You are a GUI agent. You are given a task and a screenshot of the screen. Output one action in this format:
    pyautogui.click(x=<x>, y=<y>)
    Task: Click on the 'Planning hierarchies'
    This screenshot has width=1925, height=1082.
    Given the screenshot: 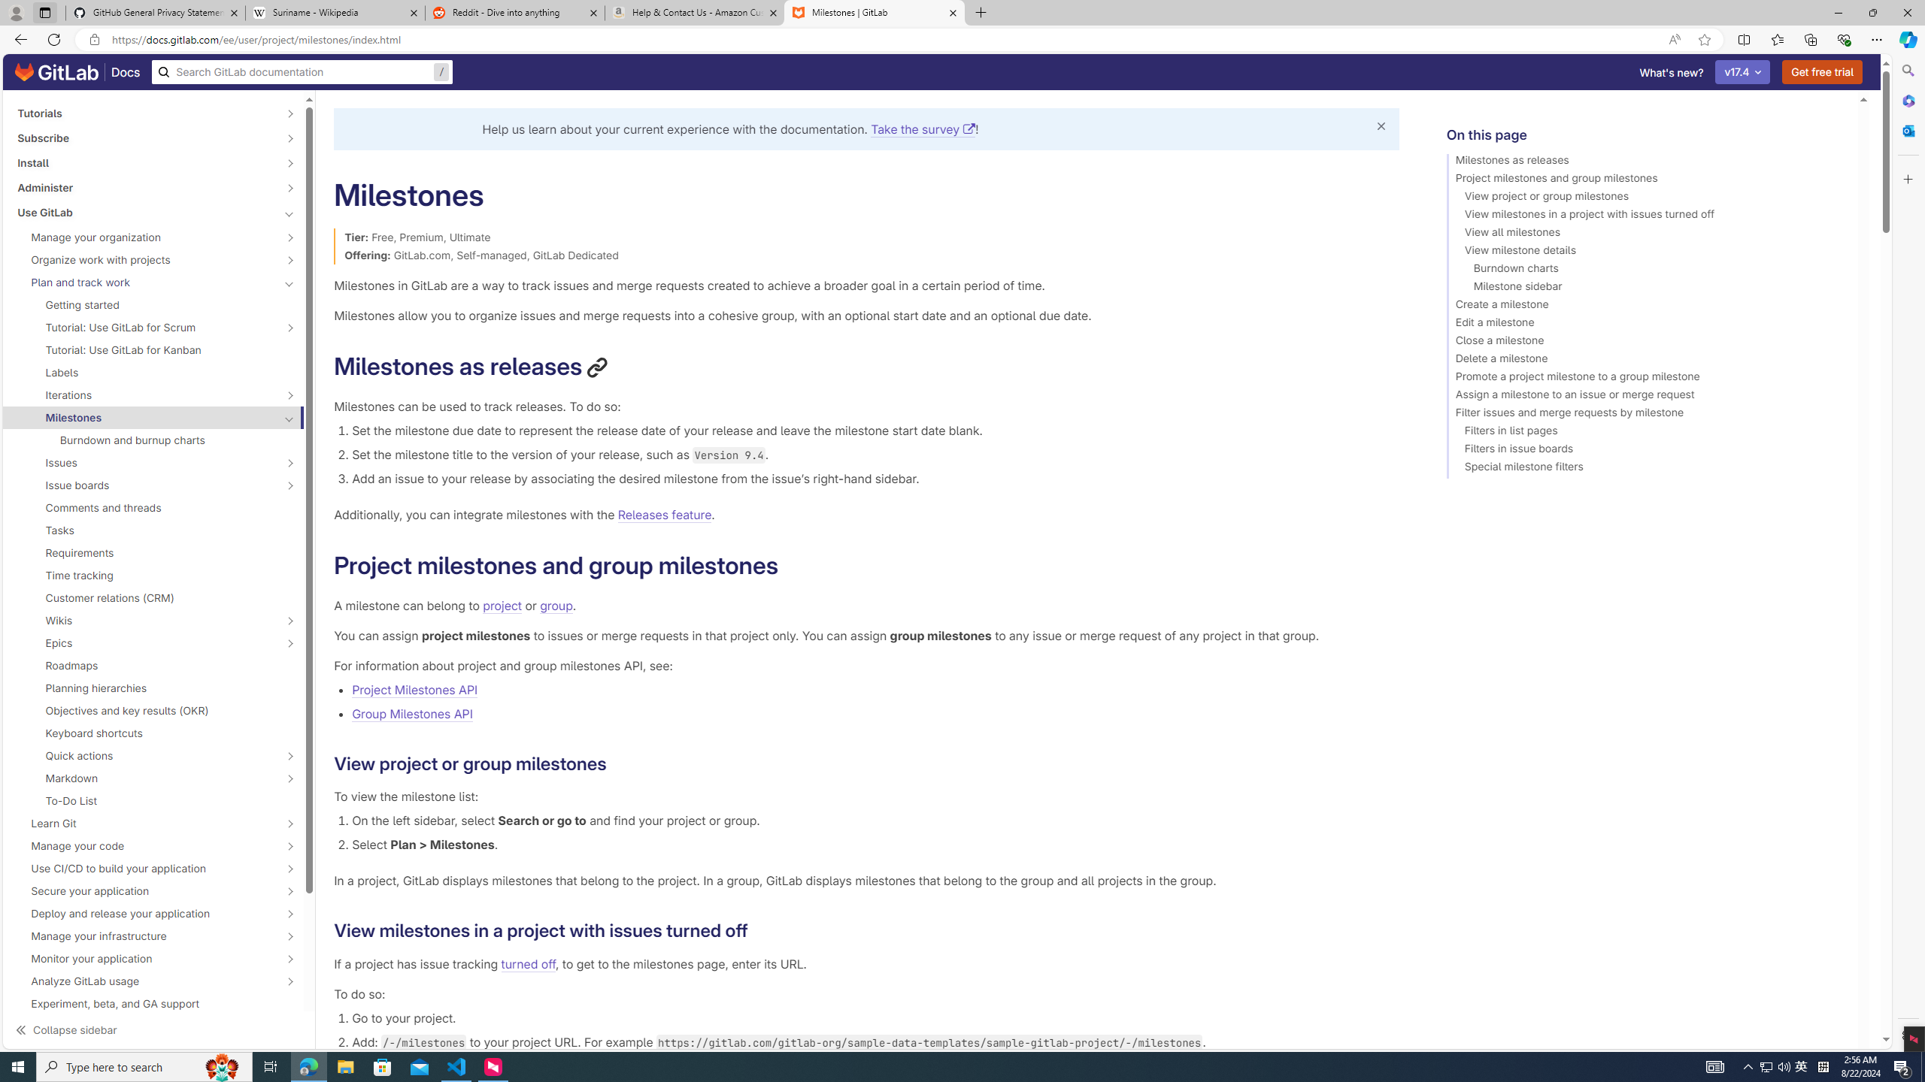 What is the action you would take?
    pyautogui.click(x=153, y=688)
    